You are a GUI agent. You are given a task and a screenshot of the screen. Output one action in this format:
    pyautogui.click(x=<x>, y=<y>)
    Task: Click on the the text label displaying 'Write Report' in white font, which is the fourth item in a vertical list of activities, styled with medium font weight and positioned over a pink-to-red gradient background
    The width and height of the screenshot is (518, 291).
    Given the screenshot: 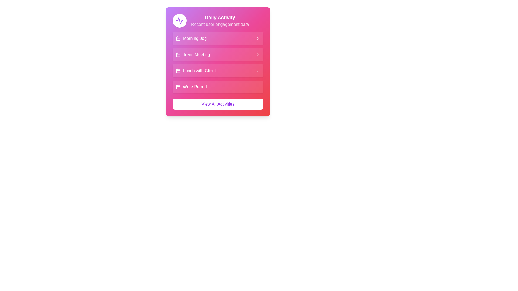 What is the action you would take?
    pyautogui.click(x=195, y=87)
    